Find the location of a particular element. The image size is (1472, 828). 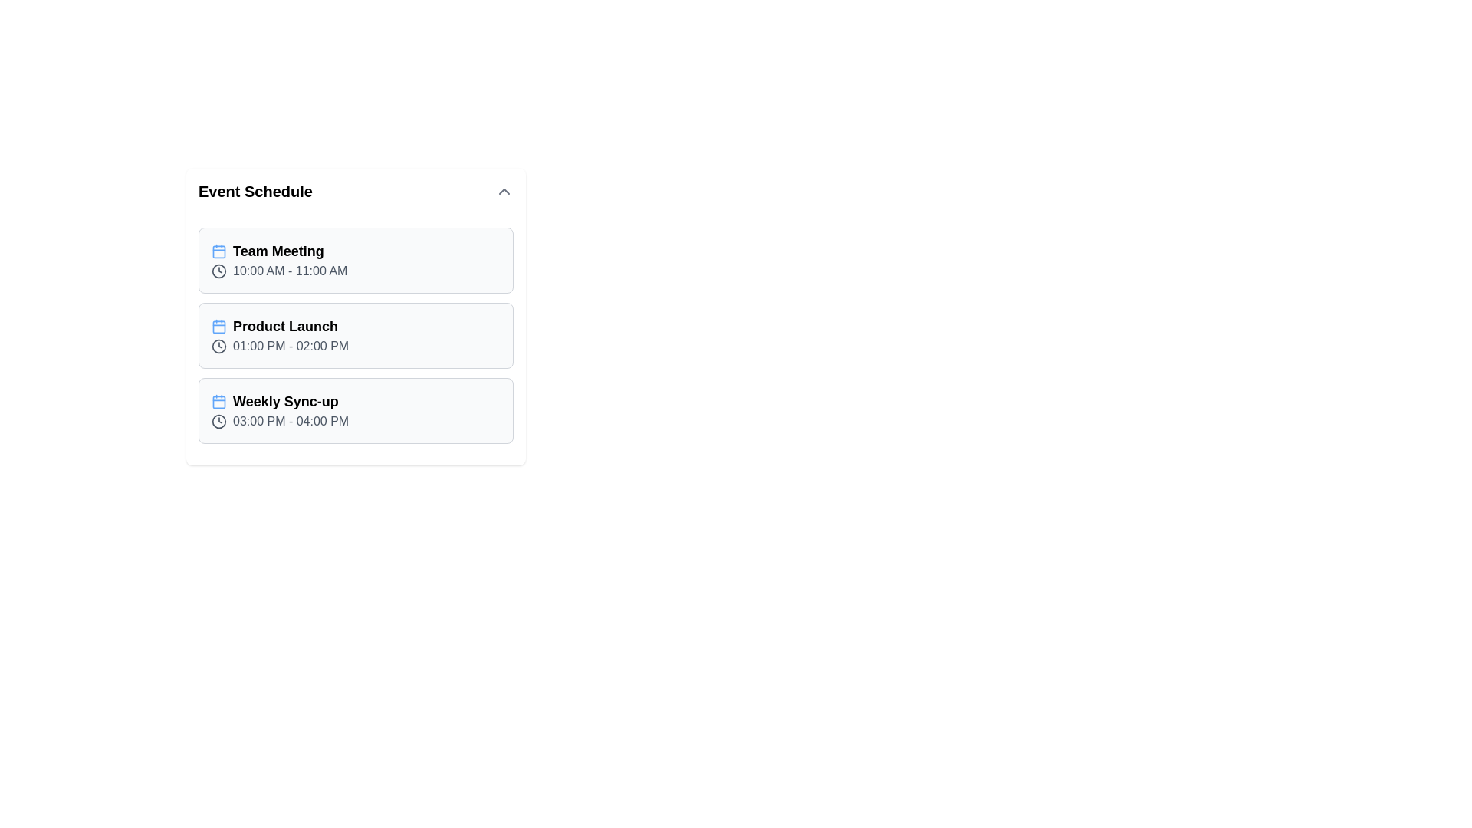

the time icon located to the left of the time range '03:00 PM - 04:00 PM' in the 'Weekly Sync-up' event row is located at coordinates (219, 422).